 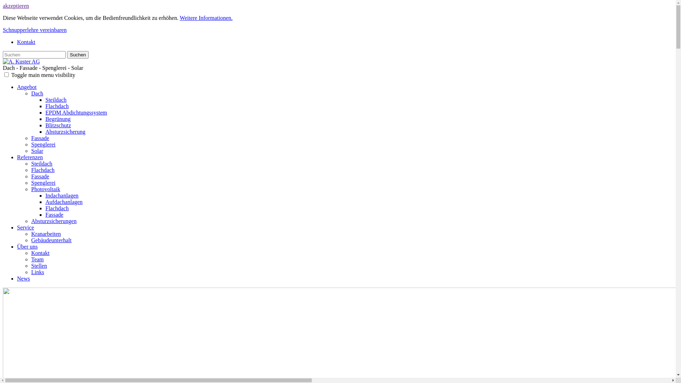 What do you see at coordinates (65, 132) in the screenshot?
I see `'Absturzsicherung'` at bounding box center [65, 132].